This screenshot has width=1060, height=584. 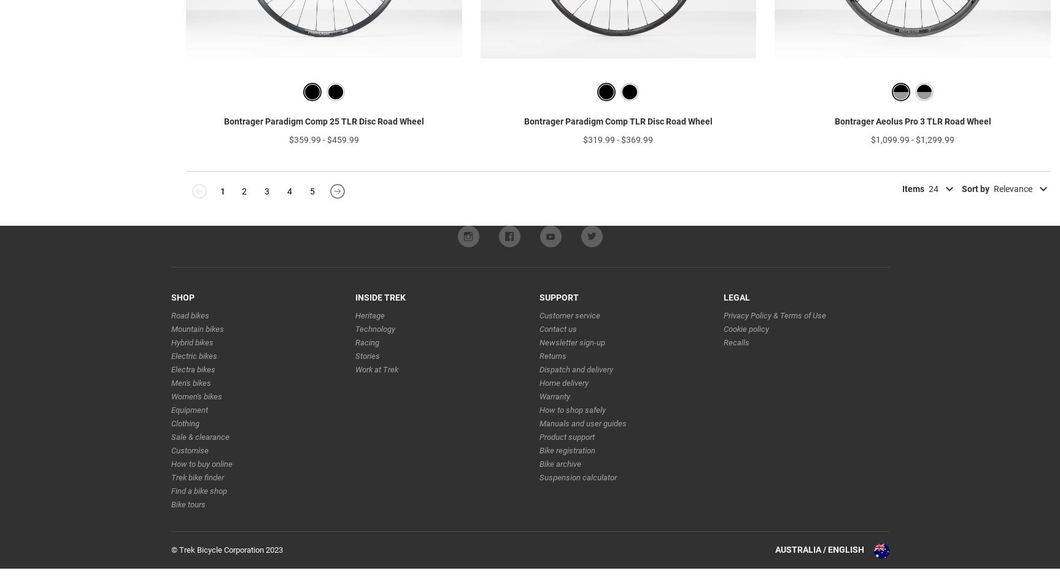 I want to click on 'Women's bikes', so click(x=195, y=415).